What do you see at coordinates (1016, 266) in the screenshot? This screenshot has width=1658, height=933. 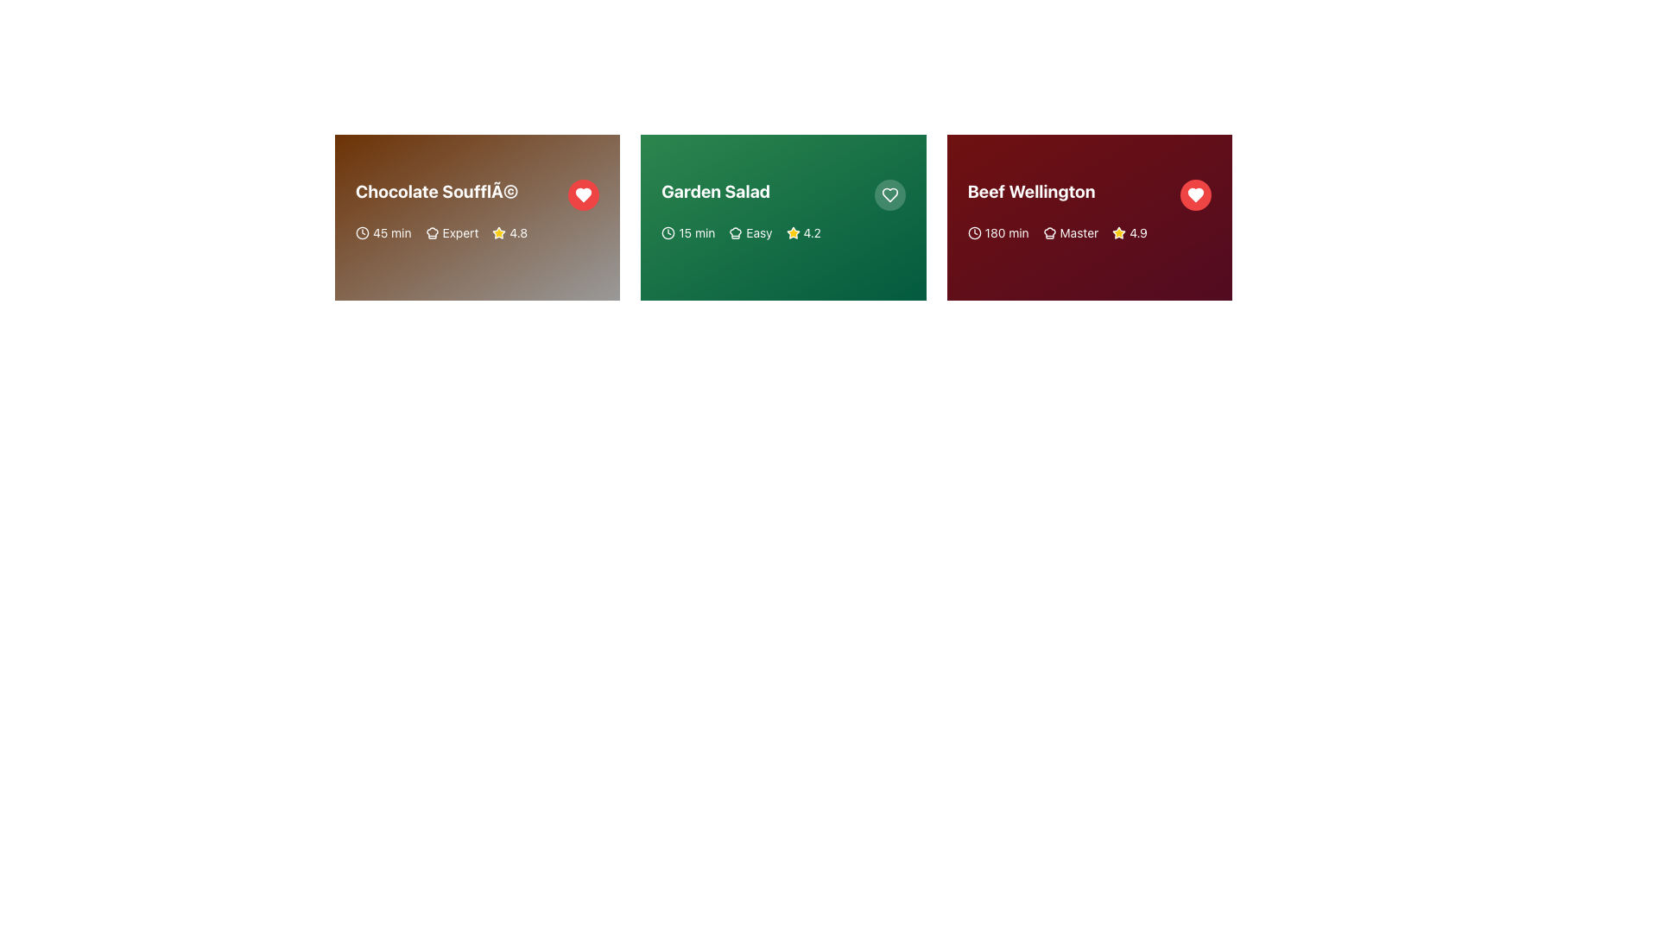 I see `the share button located at the bottom center of the 'Beef Wellington' card` at bounding box center [1016, 266].